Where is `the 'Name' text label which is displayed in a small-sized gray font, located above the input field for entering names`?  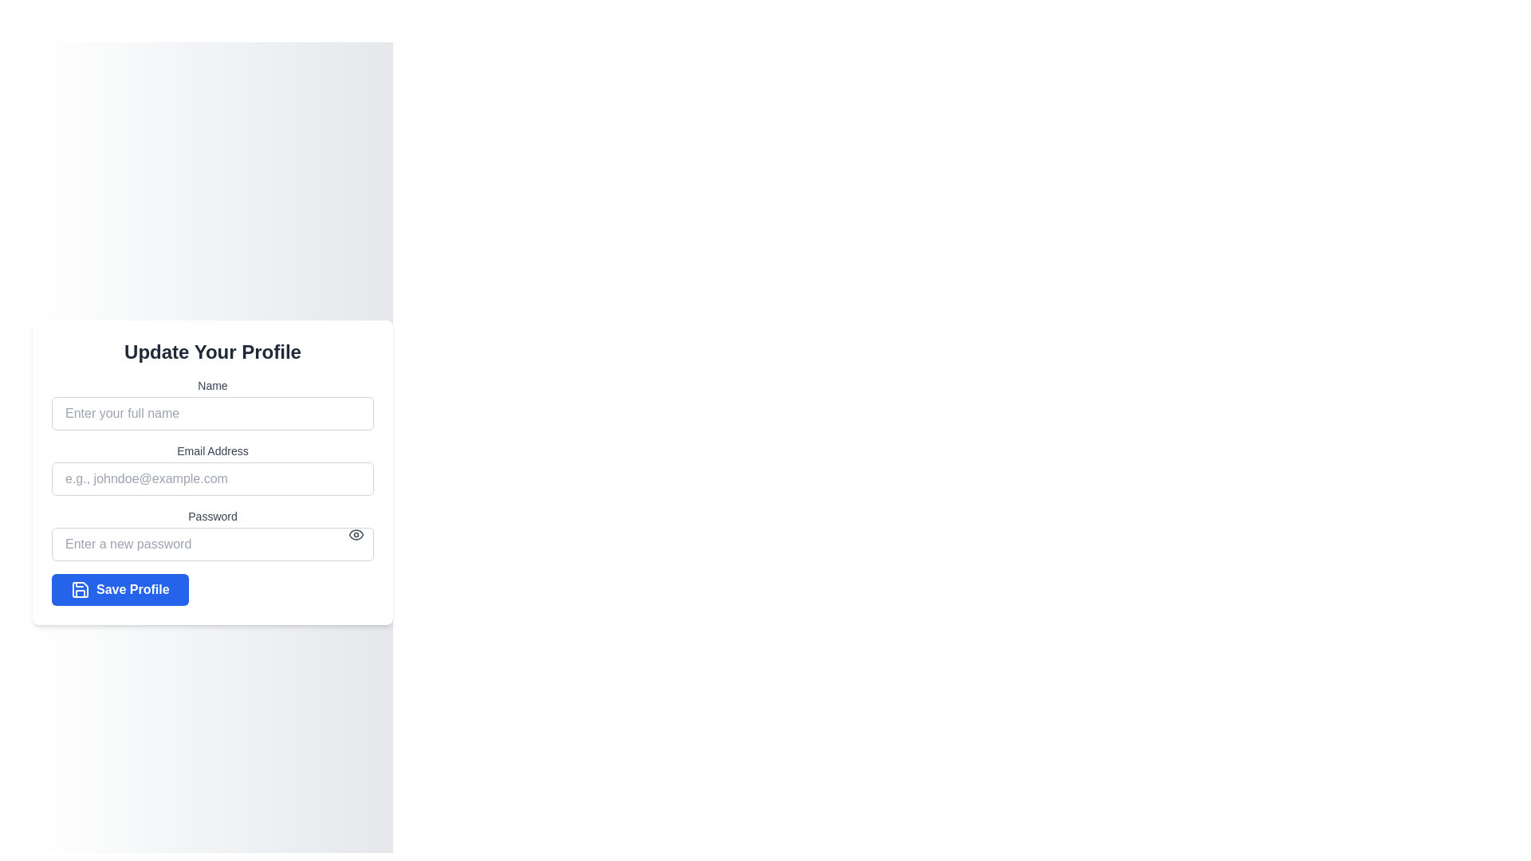
the 'Name' text label which is displayed in a small-sized gray font, located above the input field for entering names is located at coordinates (212, 385).